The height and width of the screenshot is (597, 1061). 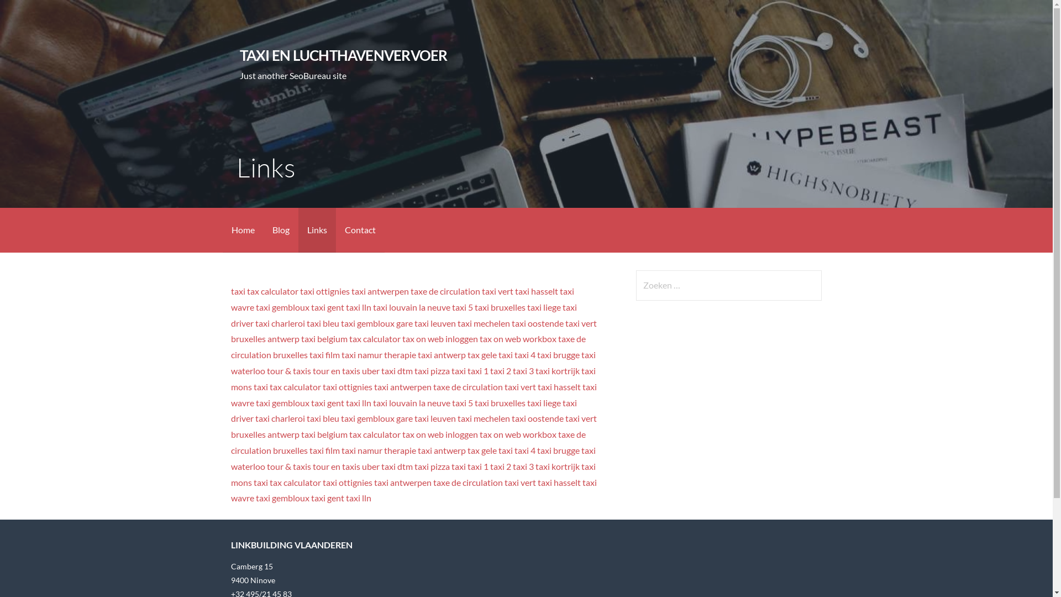 What do you see at coordinates (448, 370) in the screenshot?
I see `'pizza taxi'` at bounding box center [448, 370].